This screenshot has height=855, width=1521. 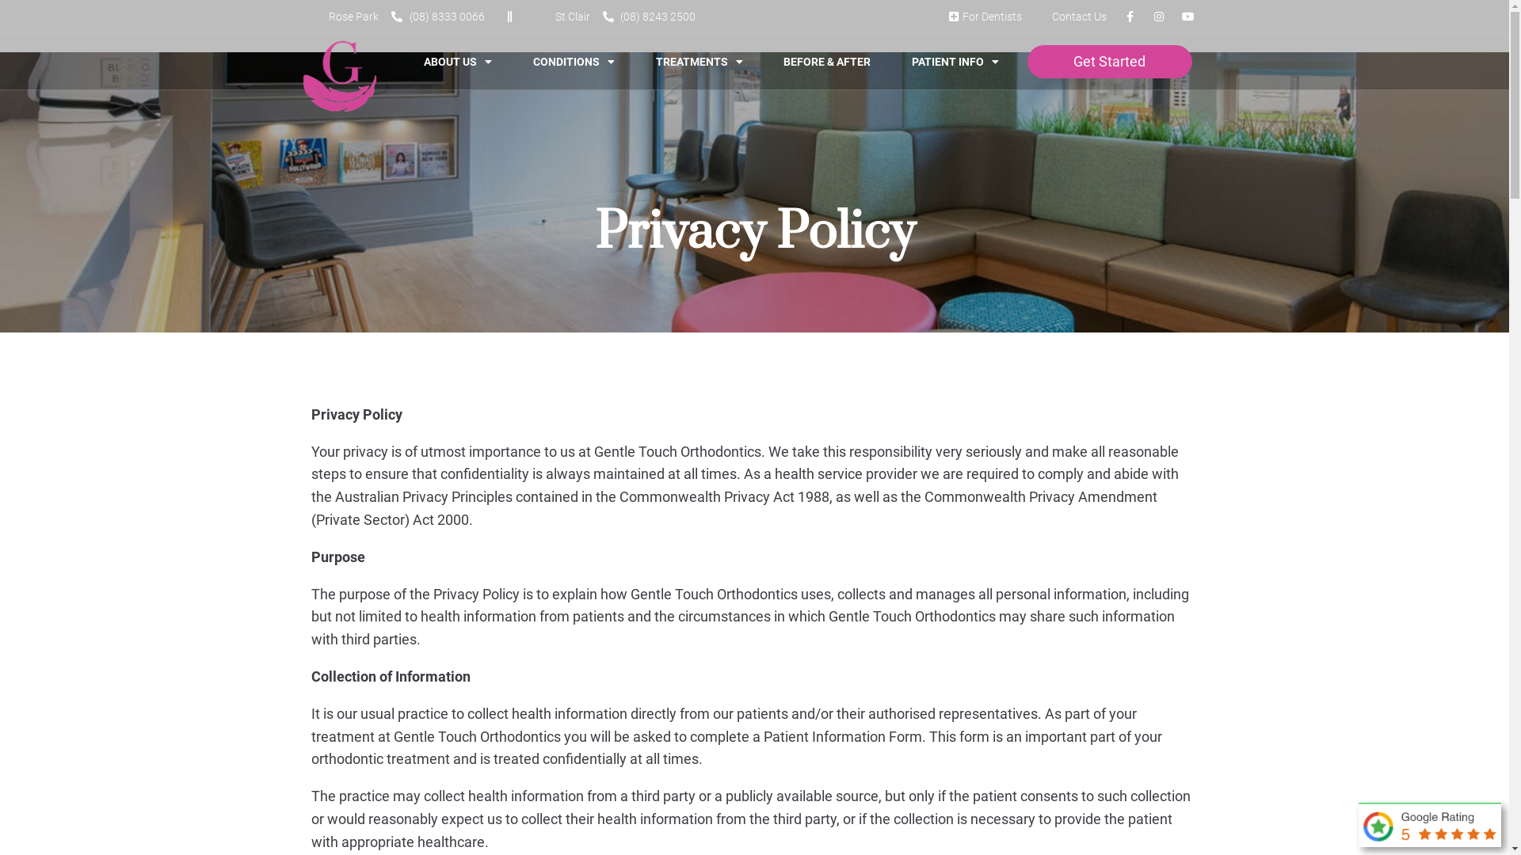 What do you see at coordinates (1109, 60) in the screenshot?
I see `'Get Started'` at bounding box center [1109, 60].